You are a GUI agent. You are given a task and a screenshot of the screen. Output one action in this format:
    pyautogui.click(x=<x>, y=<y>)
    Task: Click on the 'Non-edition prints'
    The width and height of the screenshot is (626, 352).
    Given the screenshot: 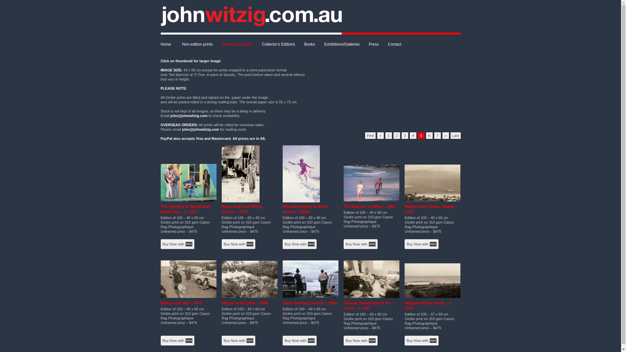 What is the action you would take?
    pyautogui.click(x=197, y=44)
    